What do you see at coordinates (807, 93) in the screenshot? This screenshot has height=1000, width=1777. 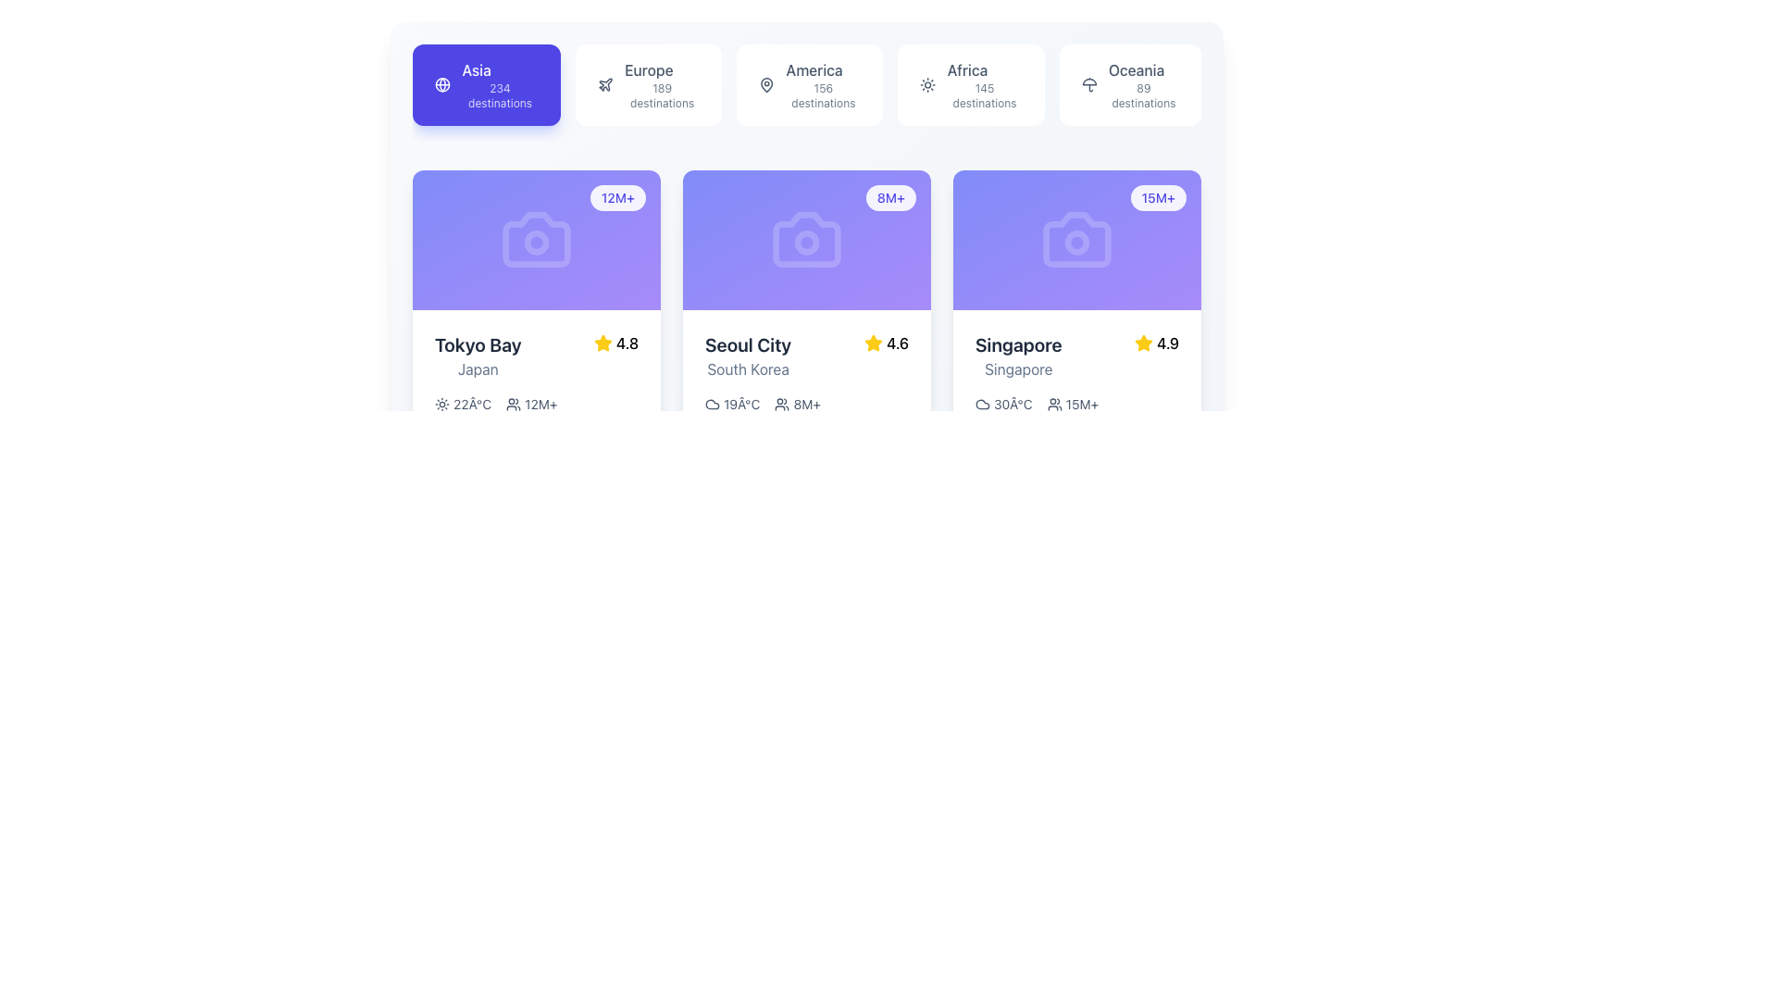 I see `the button labeled 'America' with a pin icon and '156 destinations' text` at bounding box center [807, 93].